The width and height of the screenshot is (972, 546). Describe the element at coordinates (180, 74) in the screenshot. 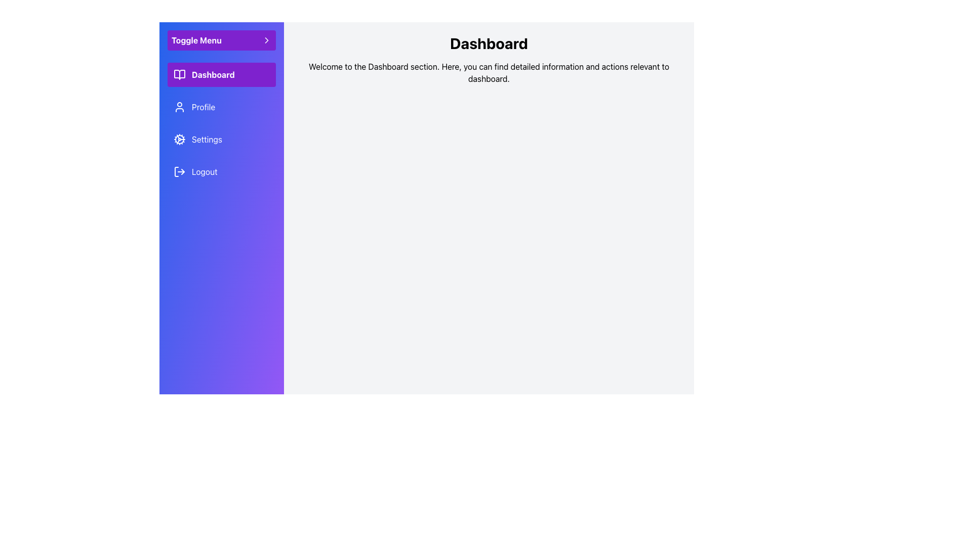

I see `the open book icon in the vertical navigation menu, which is styled with a white stroke on a purple background and is located next to the text 'Dashboard'` at that location.